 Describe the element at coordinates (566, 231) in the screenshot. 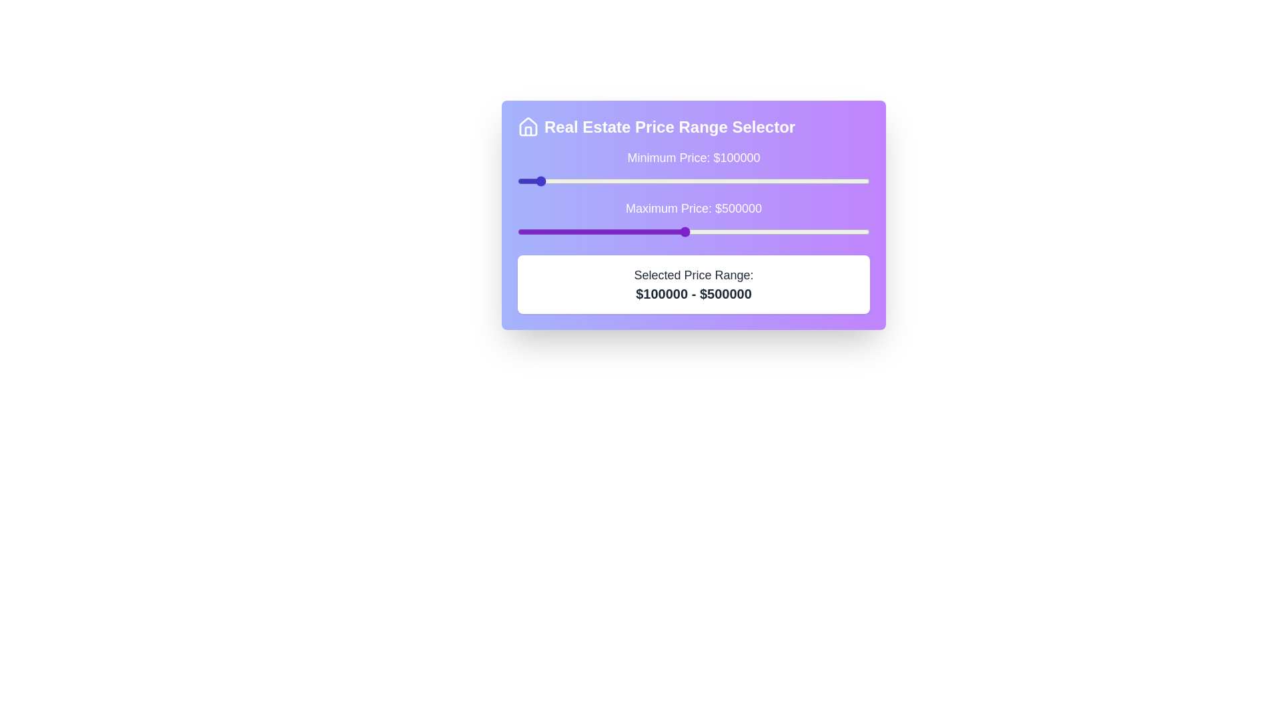

I see `the maximum price slider to 182315` at that location.